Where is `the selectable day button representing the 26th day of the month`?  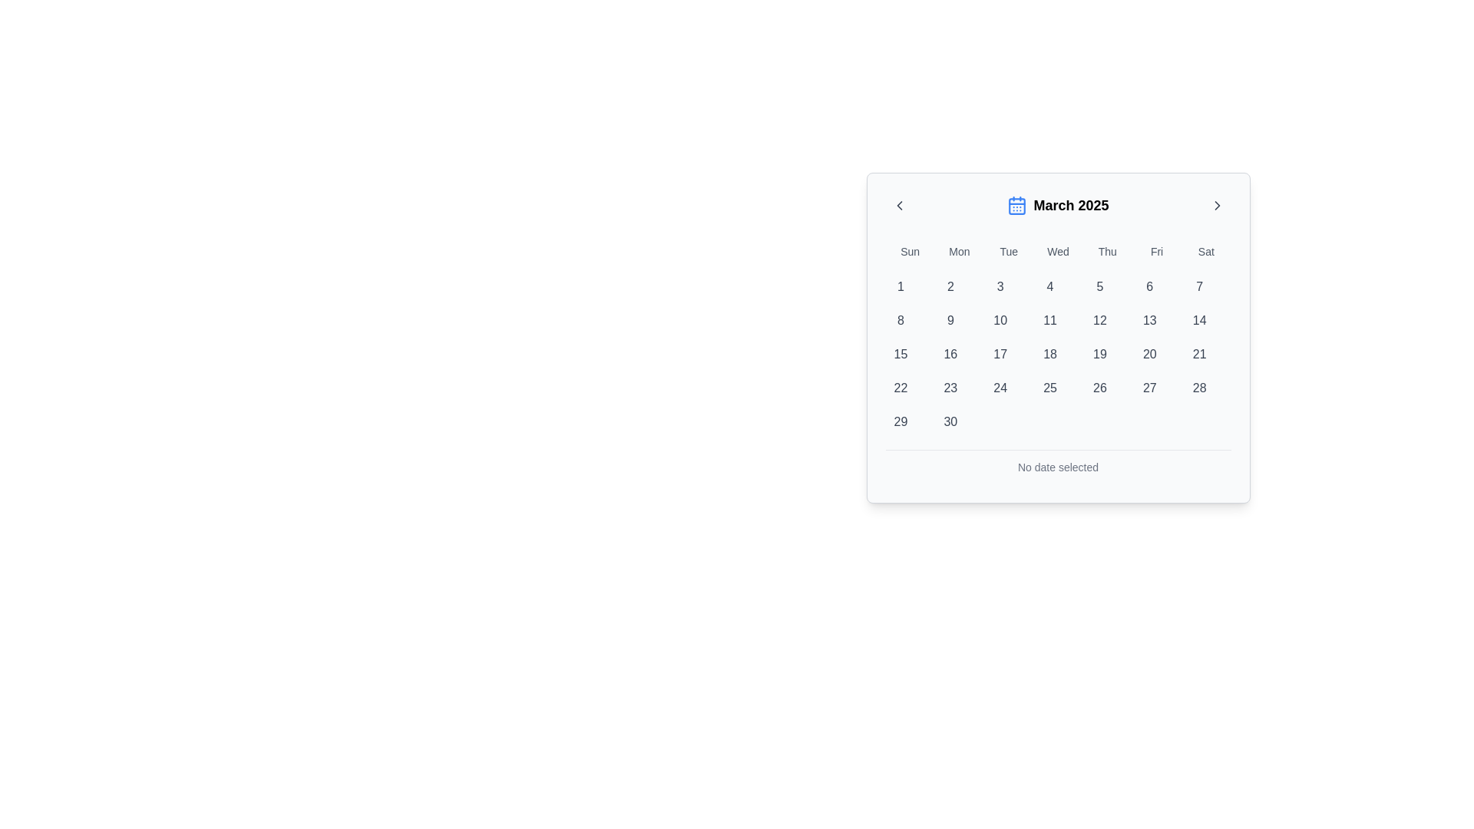 the selectable day button representing the 26th day of the month is located at coordinates (1099, 387).